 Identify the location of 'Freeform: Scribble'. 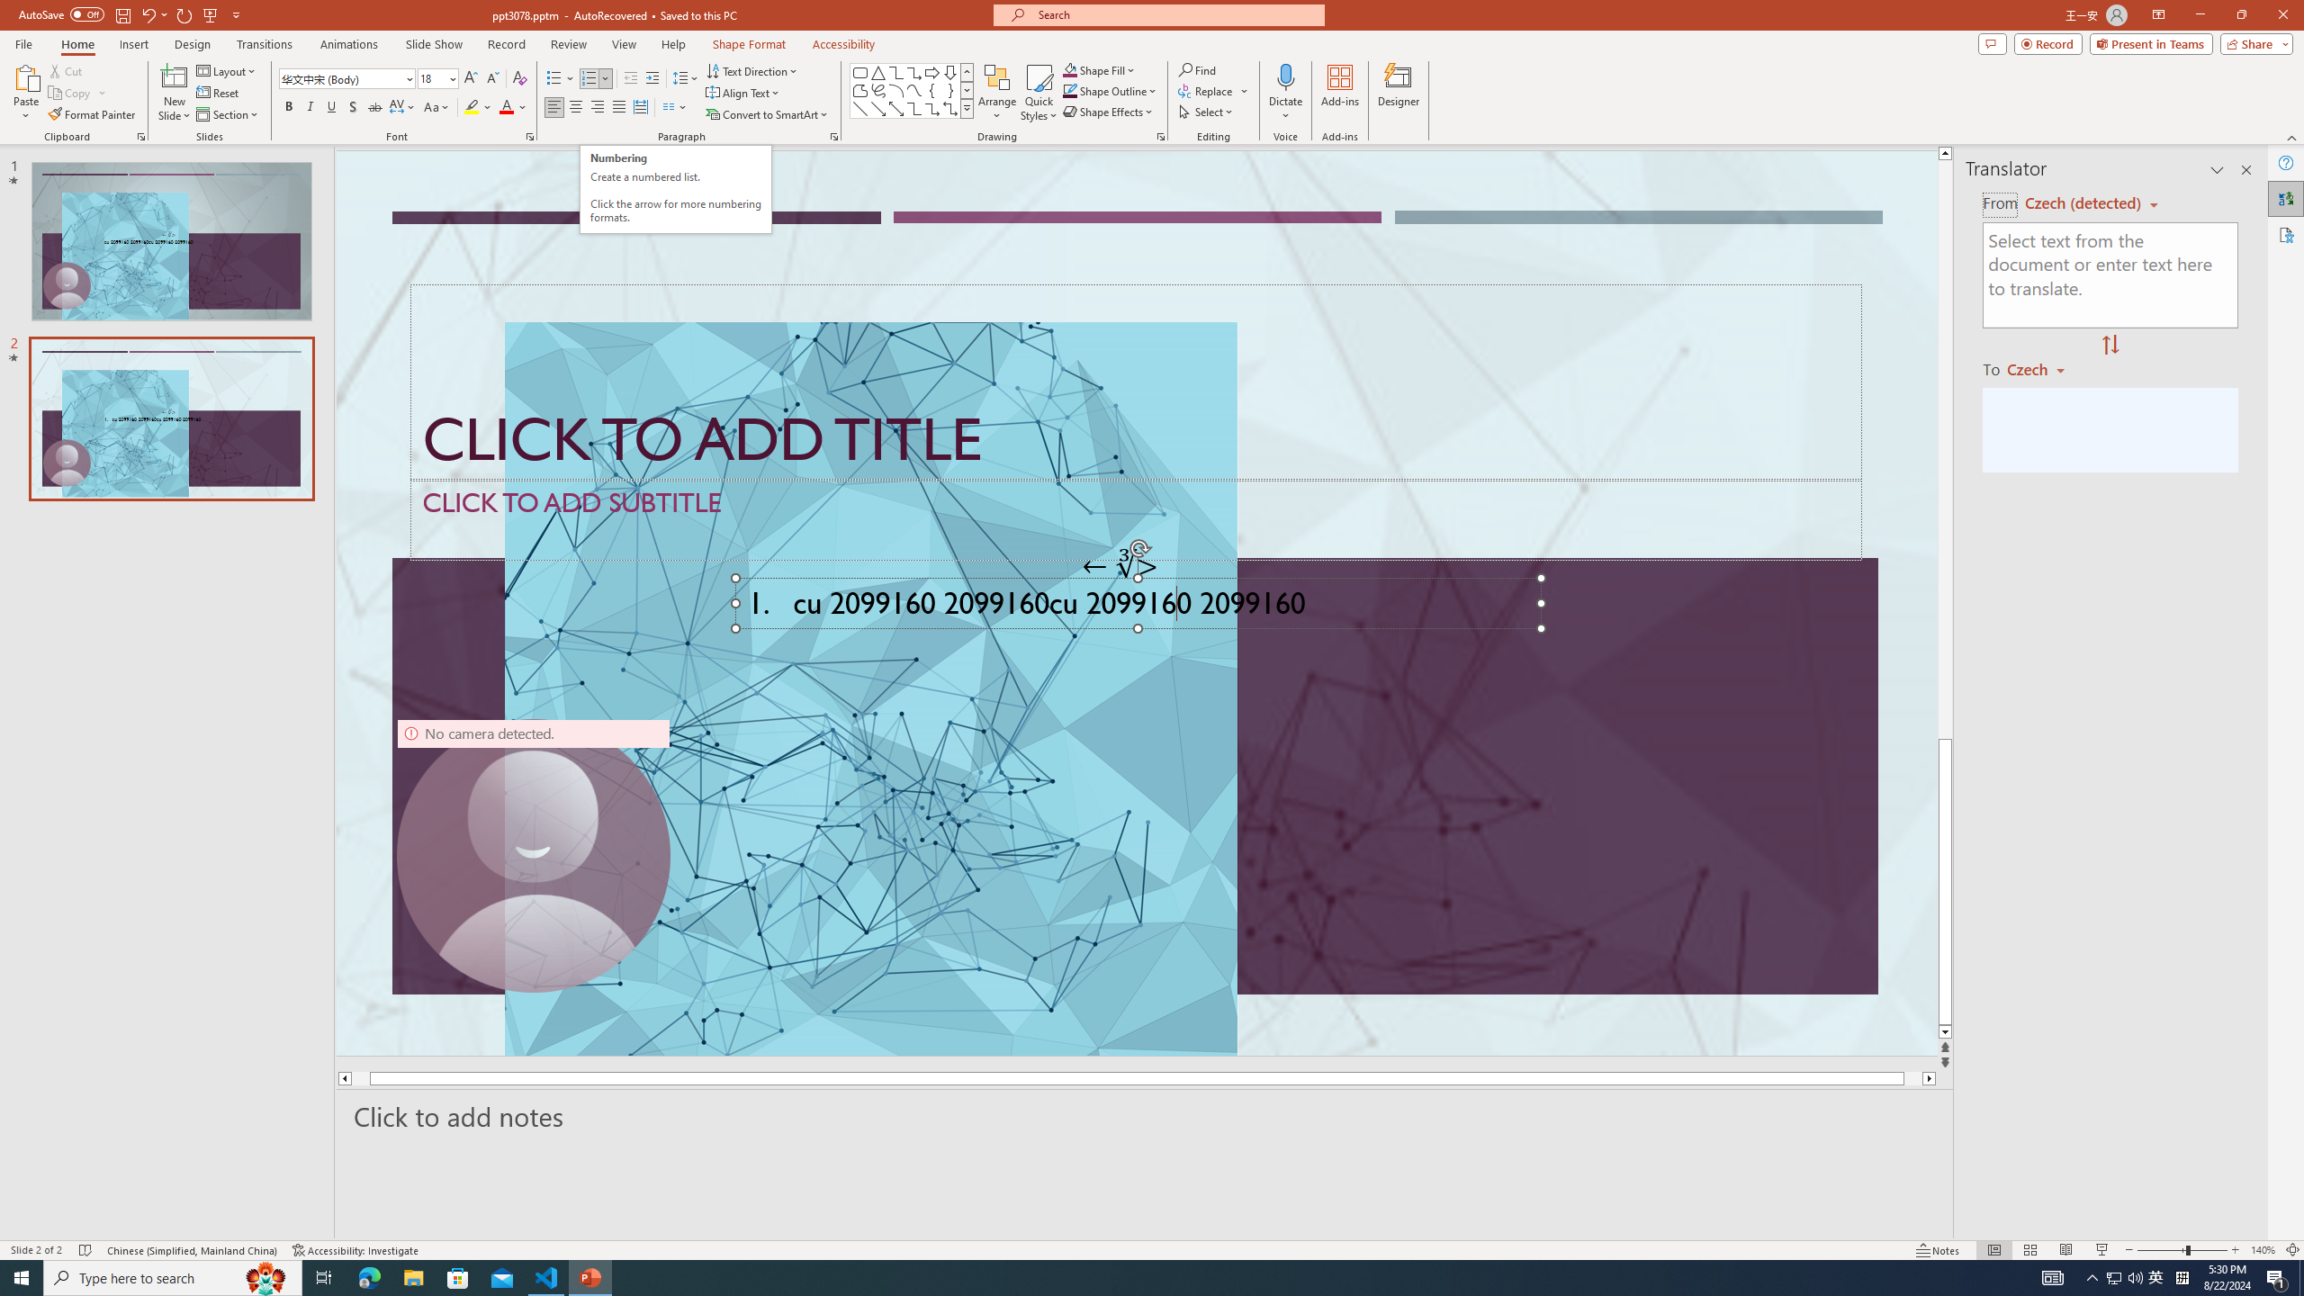
(877, 89).